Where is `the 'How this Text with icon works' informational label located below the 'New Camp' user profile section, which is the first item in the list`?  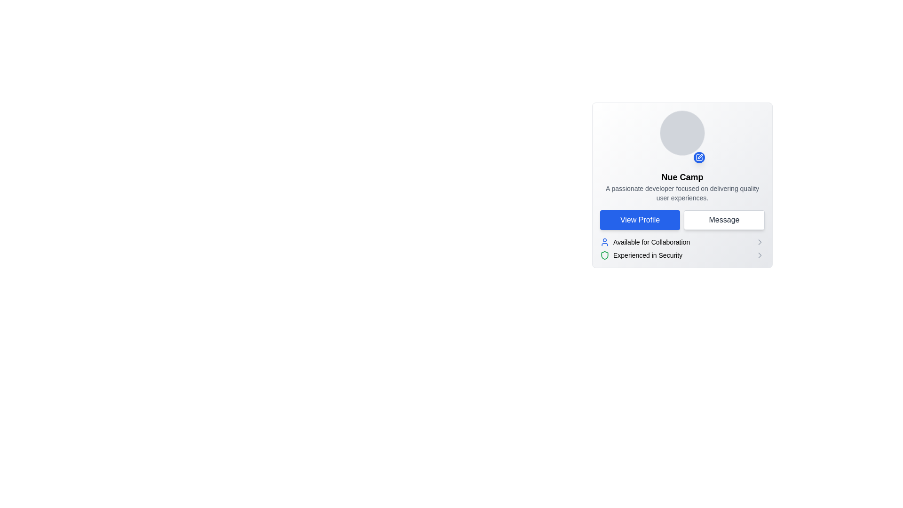 the 'How this Text with icon works' informational label located below the 'New Camp' user profile section, which is the first item in the list is located at coordinates (644, 242).